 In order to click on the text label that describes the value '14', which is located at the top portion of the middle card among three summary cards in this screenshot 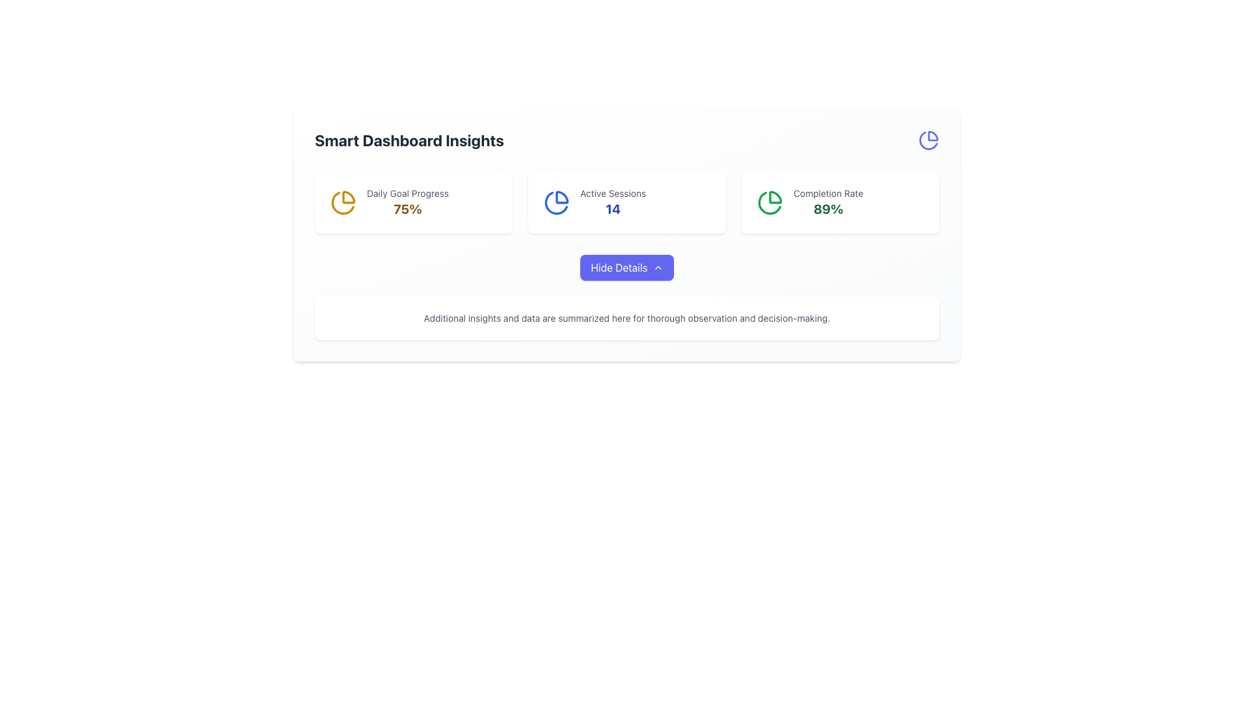, I will do `click(612, 193)`.